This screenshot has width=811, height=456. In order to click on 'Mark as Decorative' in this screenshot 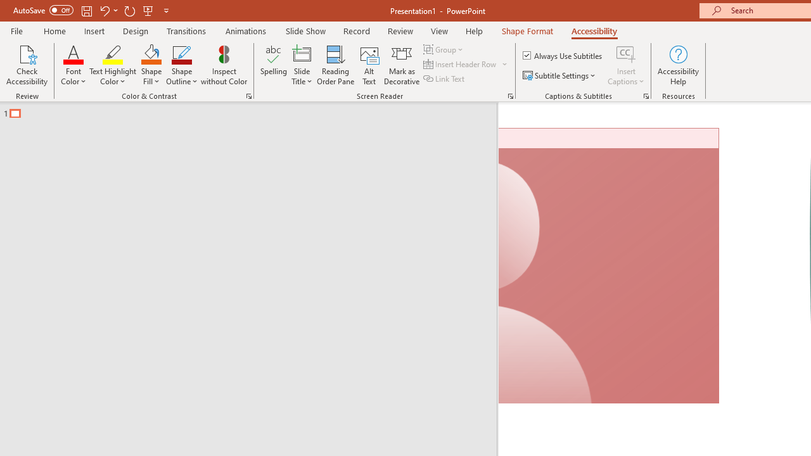, I will do `click(401, 65)`.